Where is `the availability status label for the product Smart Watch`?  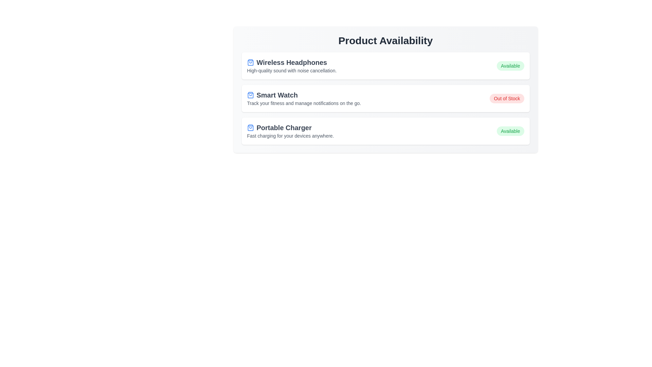 the availability status label for the product Smart Watch is located at coordinates (507, 98).